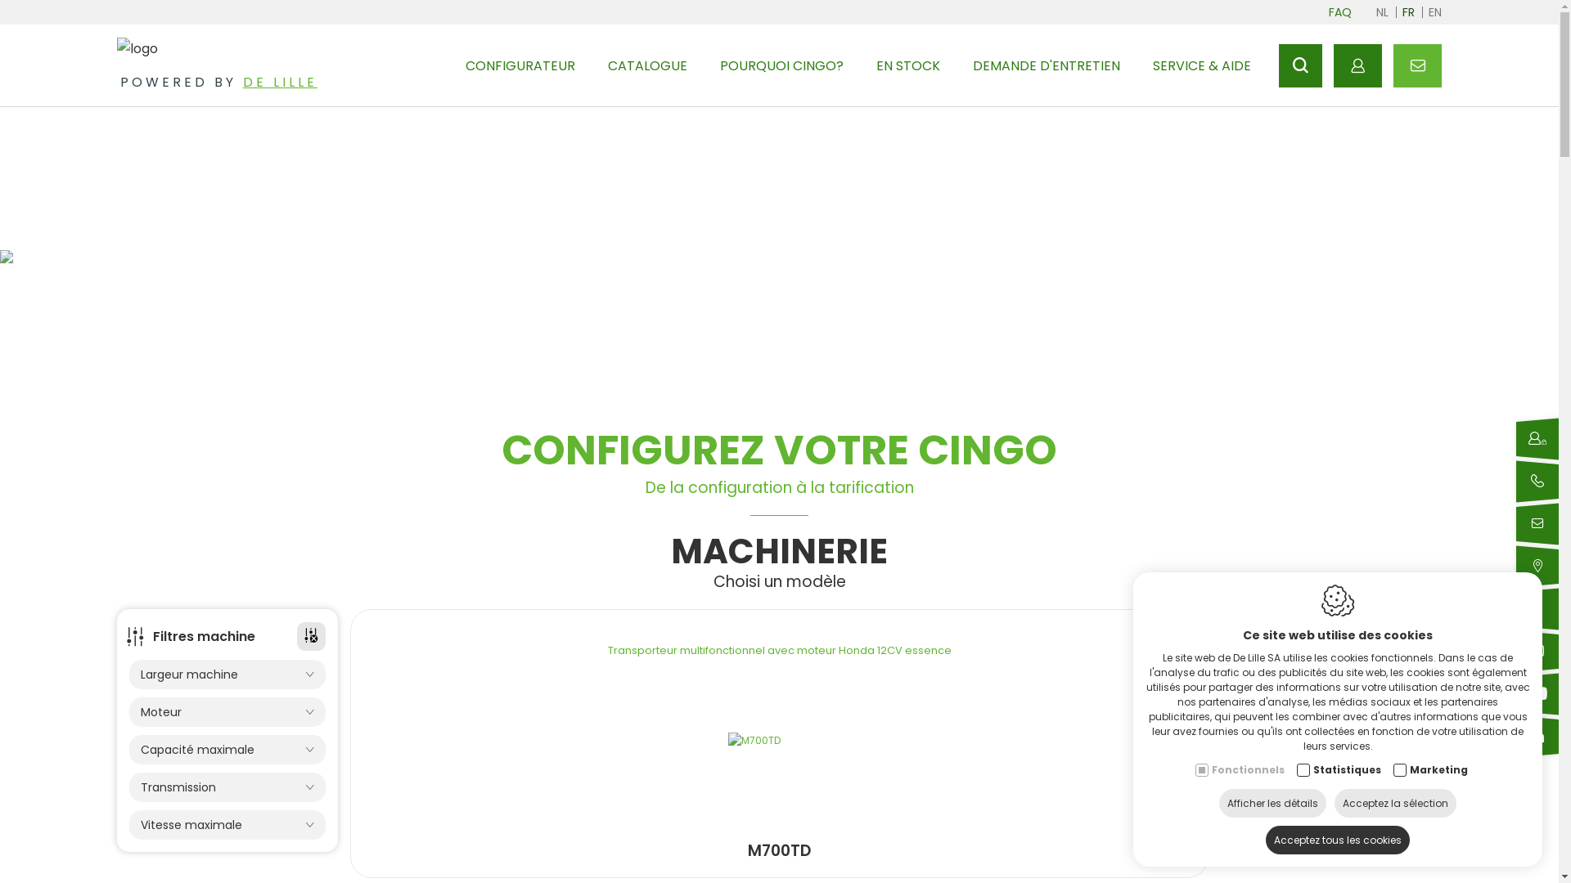 The width and height of the screenshot is (1571, 883). Describe the element at coordinates (227, 711) in the screenshot. I see `'Moteur'` at that location.